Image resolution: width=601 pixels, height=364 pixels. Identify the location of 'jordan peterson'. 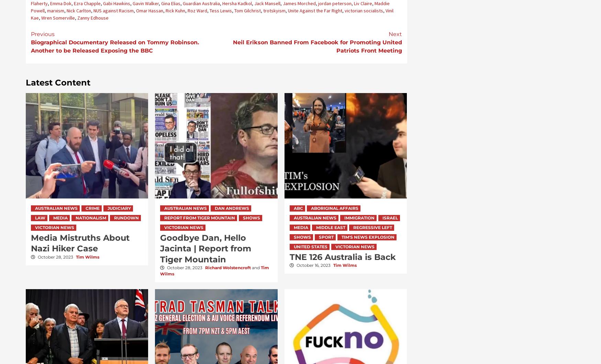
(334, 3).